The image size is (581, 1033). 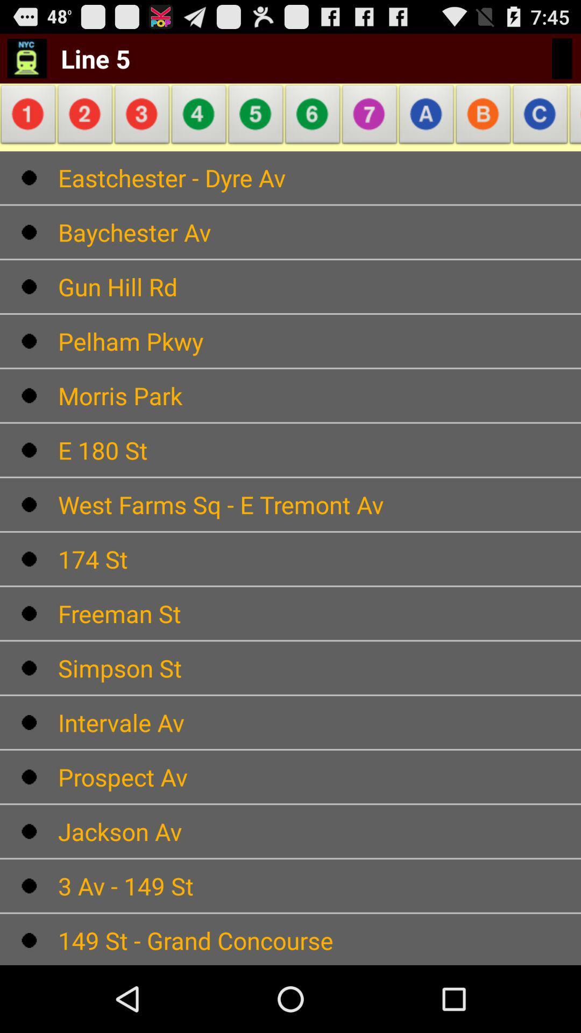 What do you see at coordinates (319, 286) in the screenshot?
I see `move to text which is below the text  baychester av` at bounding box center [319, 286].